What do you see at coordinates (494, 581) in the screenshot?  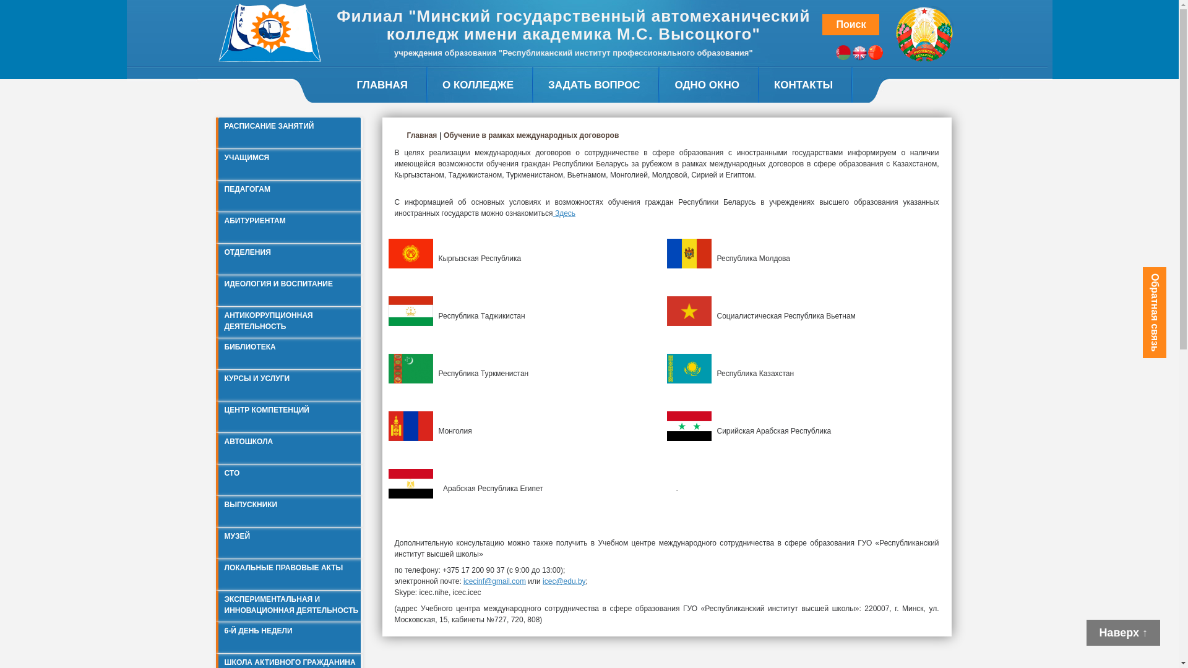 I see `'icecinf@gmail.com'` at bounding box center [494, 581].